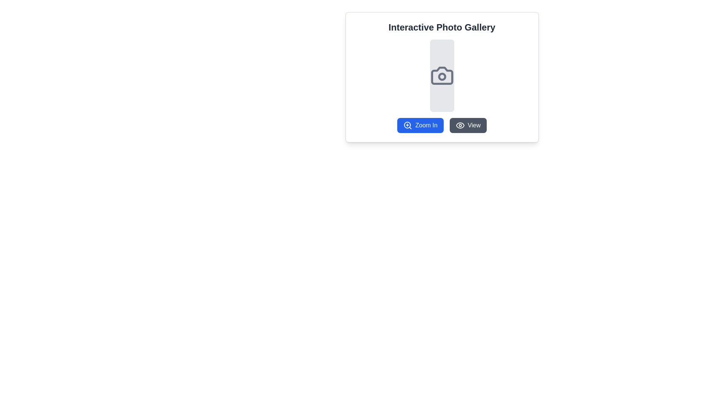 The height and width of the screenshot is (407, 725). Describe the element at coordinates (442, 125) in the screenshot. I see `the zoom-in button located on the left side of the horizontally-aligned buttons in the photo gallery, adjacent to the 'View' button` at that location.